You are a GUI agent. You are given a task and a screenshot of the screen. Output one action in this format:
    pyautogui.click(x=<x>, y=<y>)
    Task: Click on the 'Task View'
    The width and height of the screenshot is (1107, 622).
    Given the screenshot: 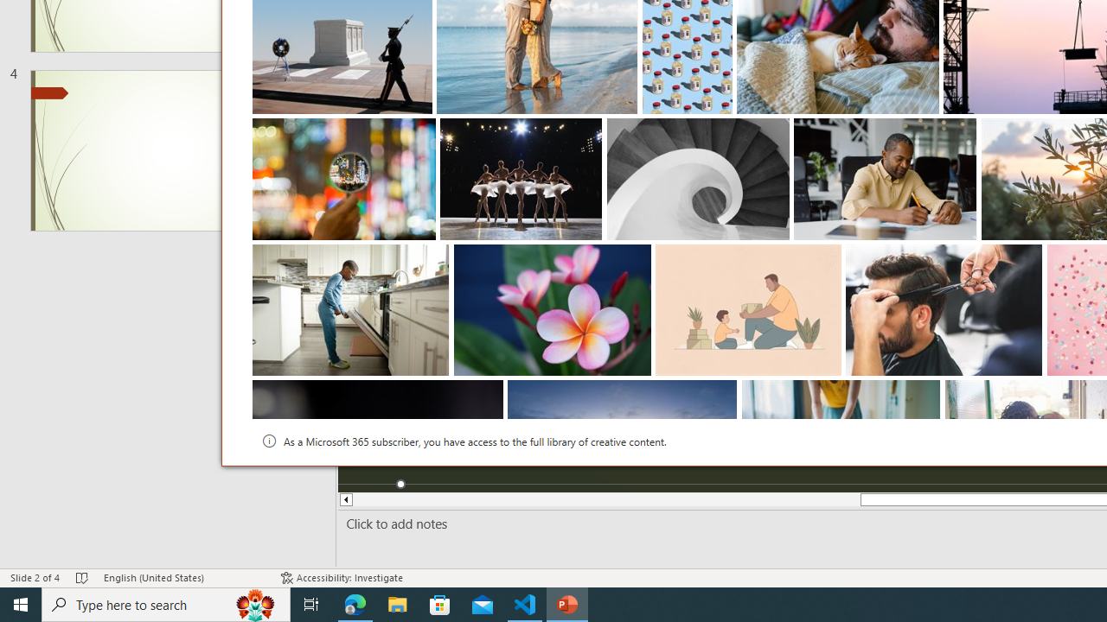 What is the action you would take?
    pyautogui.click(x=310, y=603)
    